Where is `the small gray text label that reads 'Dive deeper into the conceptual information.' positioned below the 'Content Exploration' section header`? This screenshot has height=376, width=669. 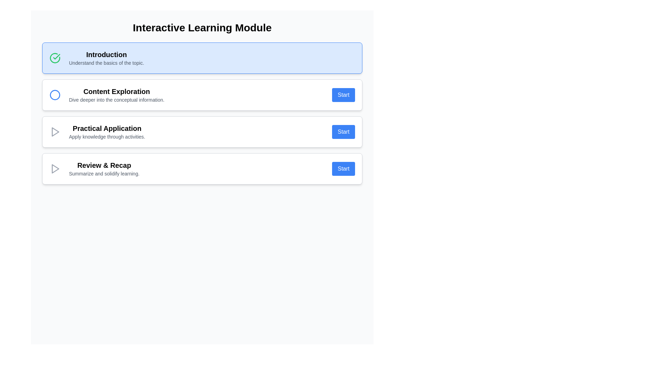 the small gray text label that reads 'Dive deeper into the conceptual information.' positioned below the 'Content Exploration' section header is located at coordinates (117, 100).